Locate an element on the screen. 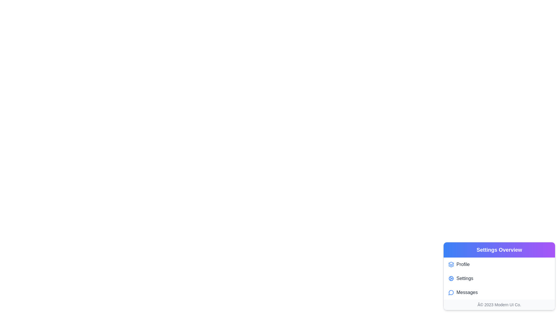  the footer text element that displays copyright information for 'Modern UI Co.' located at the bottom right corner of the interface is located at coordinates (499, 304).